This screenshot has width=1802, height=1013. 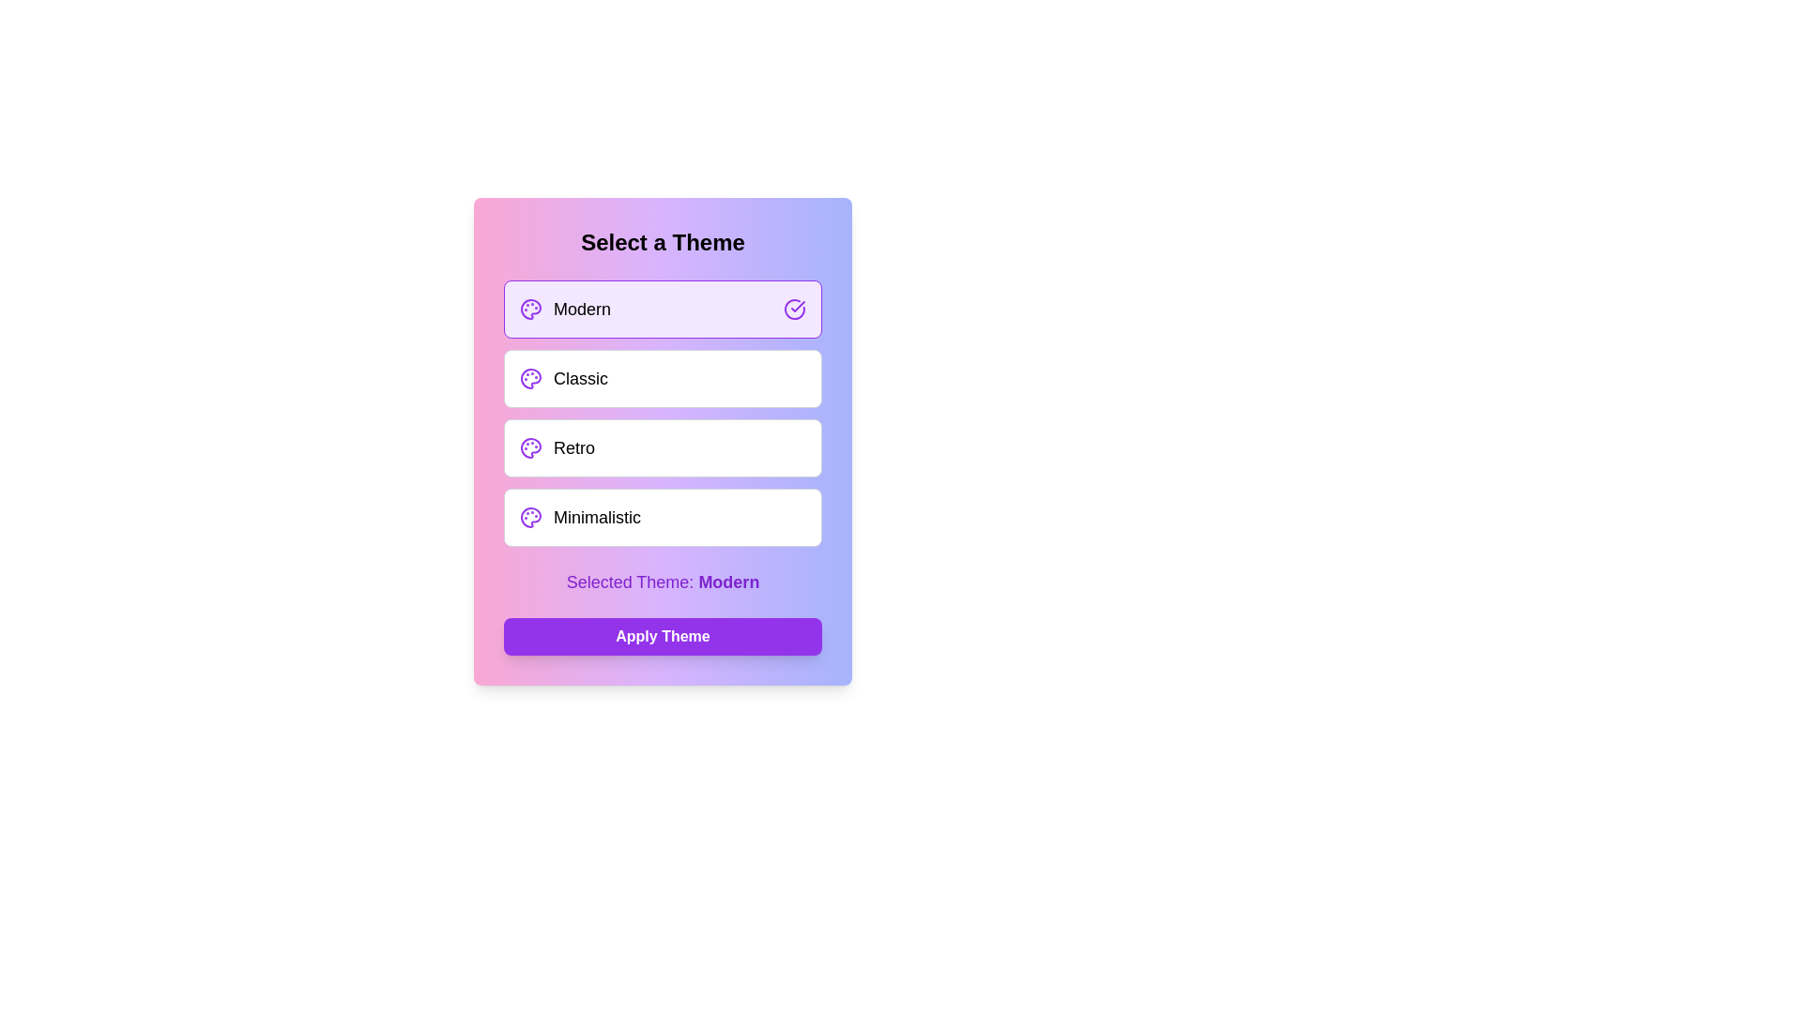 I want to click on the circular checkmark confirmation icon in purple located in the top-right section of the 'Modern' option in the 'Select a Theme' menu, so click(x=794, y=309).